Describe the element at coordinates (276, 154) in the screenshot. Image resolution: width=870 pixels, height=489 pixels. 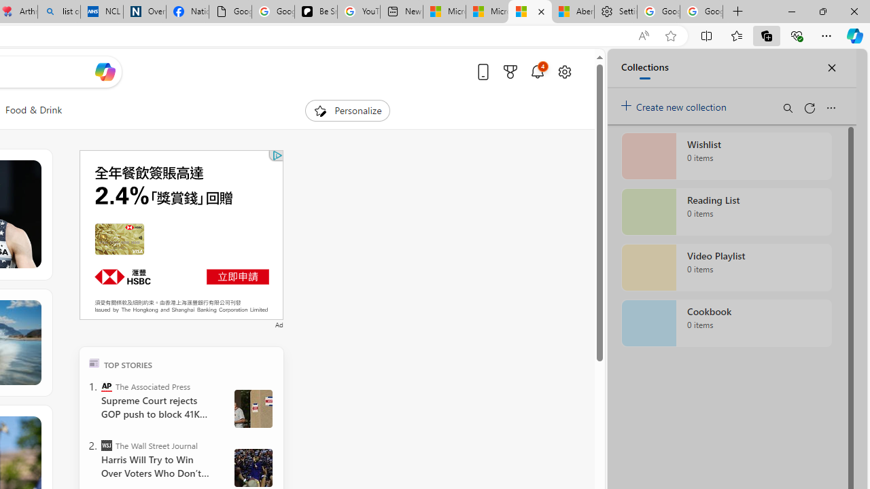
I see `'Class: qc-adchoices-link top-right '` at that location.